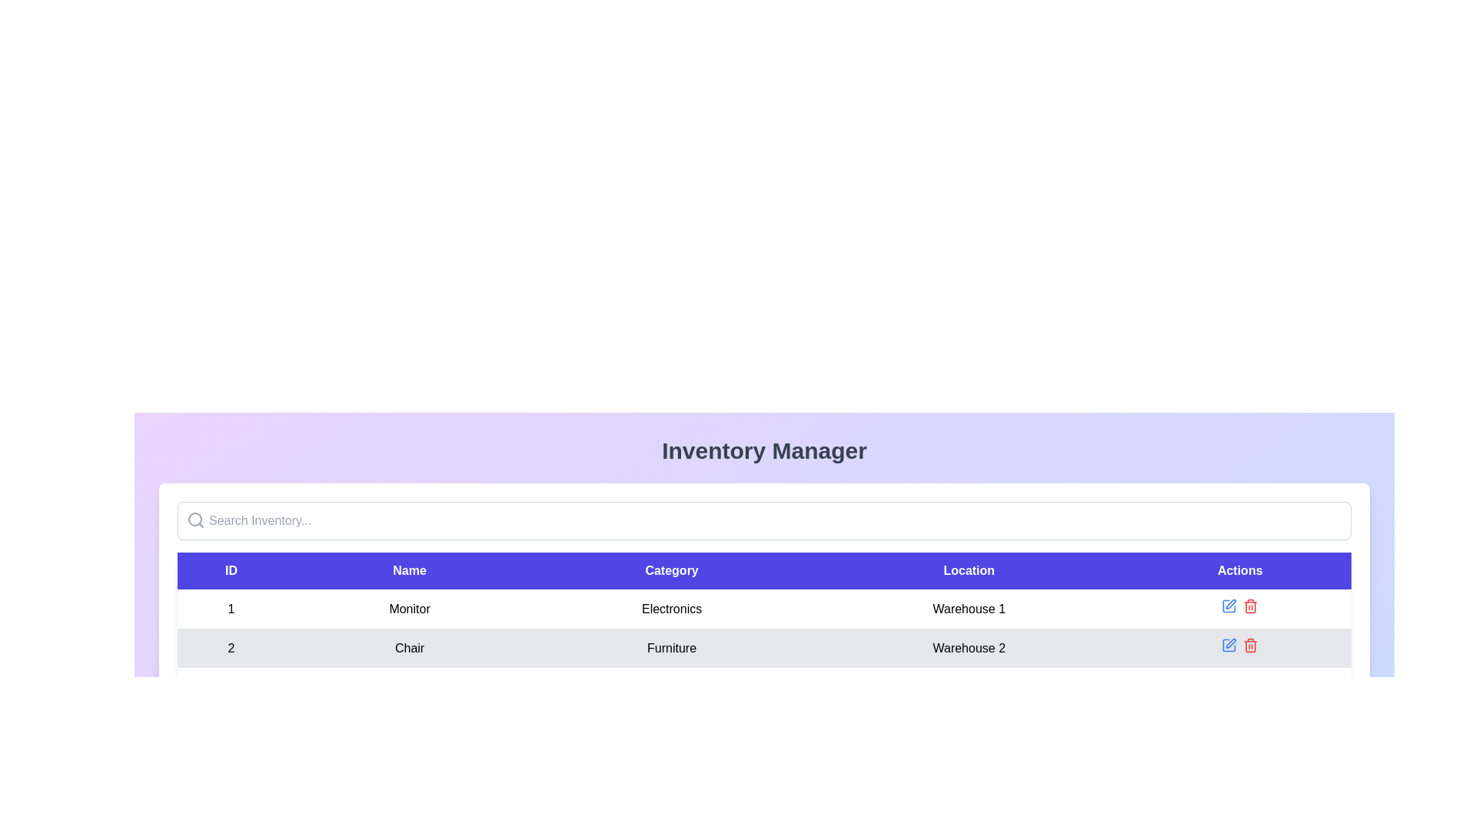  I want to click on the delete button located in the 'Actions' column of the top row of the table, so click(1251, 606).